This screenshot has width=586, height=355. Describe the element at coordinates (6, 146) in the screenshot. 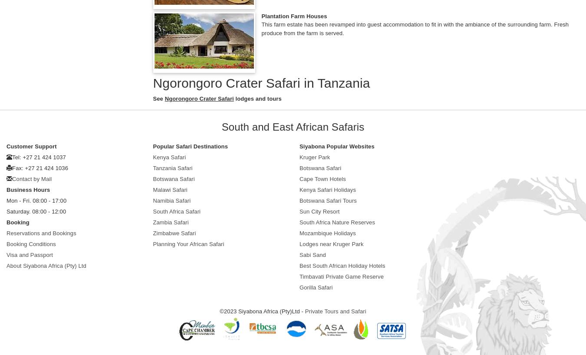

I see `'Customer Support'` at that location.